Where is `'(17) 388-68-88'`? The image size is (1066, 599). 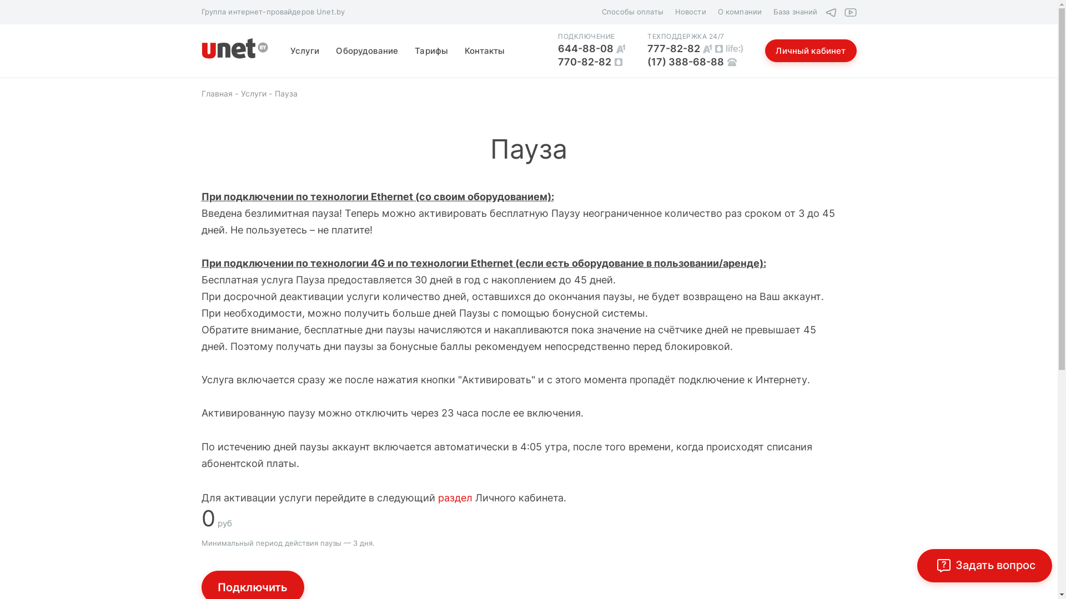
'(17) 388-68-88' is located at coordinates (695, 62).